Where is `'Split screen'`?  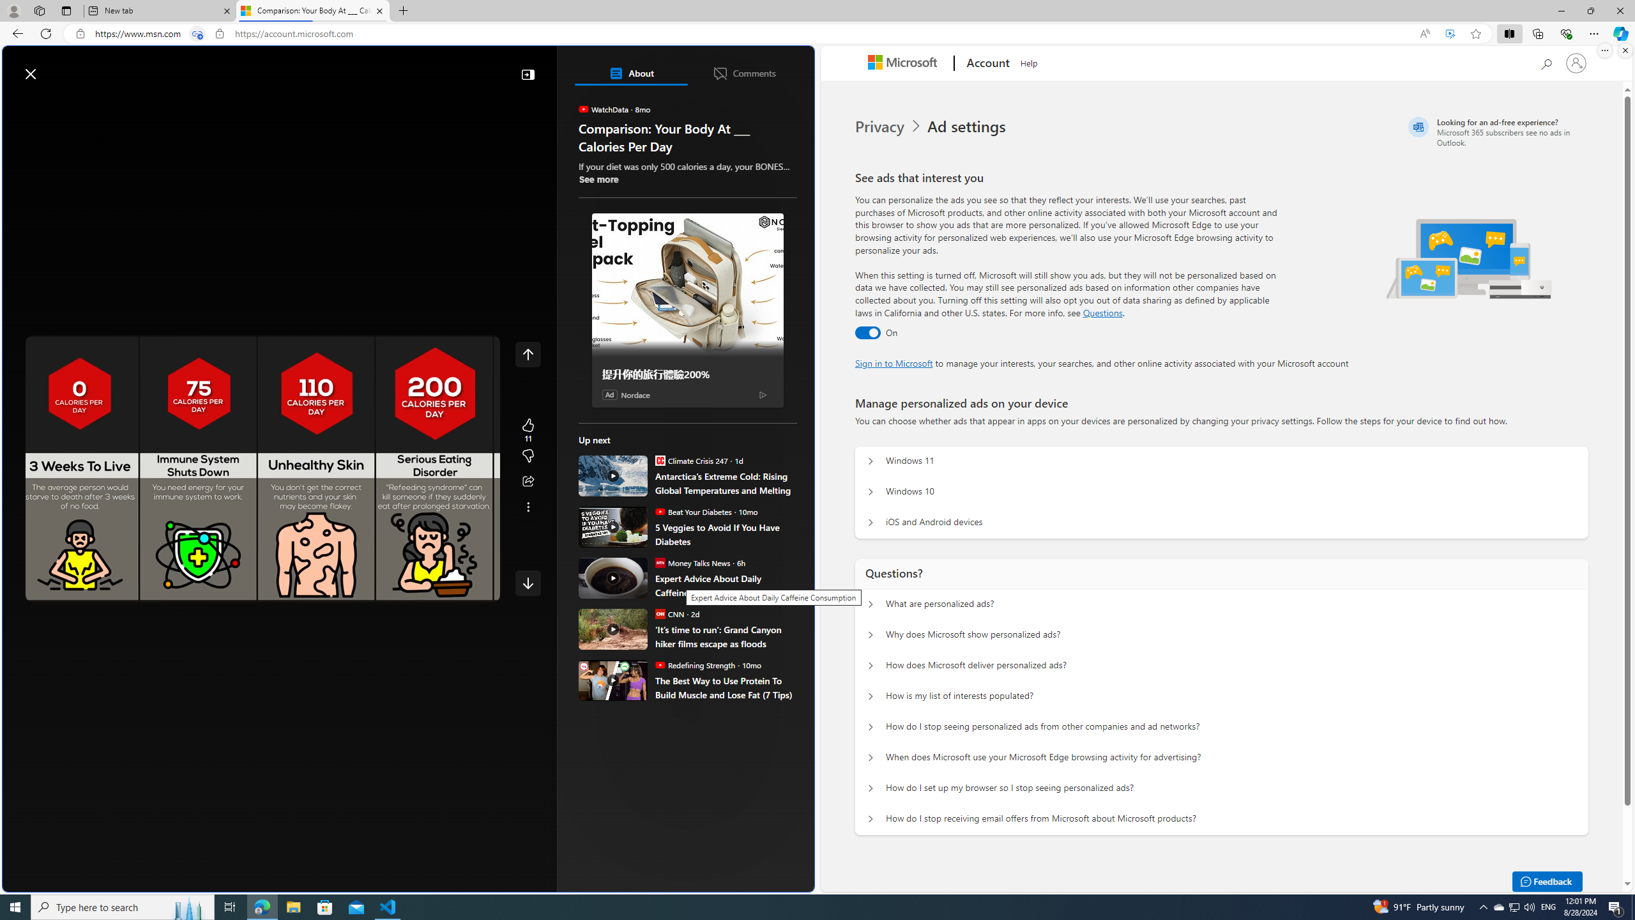 'Split screen' is located at coordinates (1510, 33).